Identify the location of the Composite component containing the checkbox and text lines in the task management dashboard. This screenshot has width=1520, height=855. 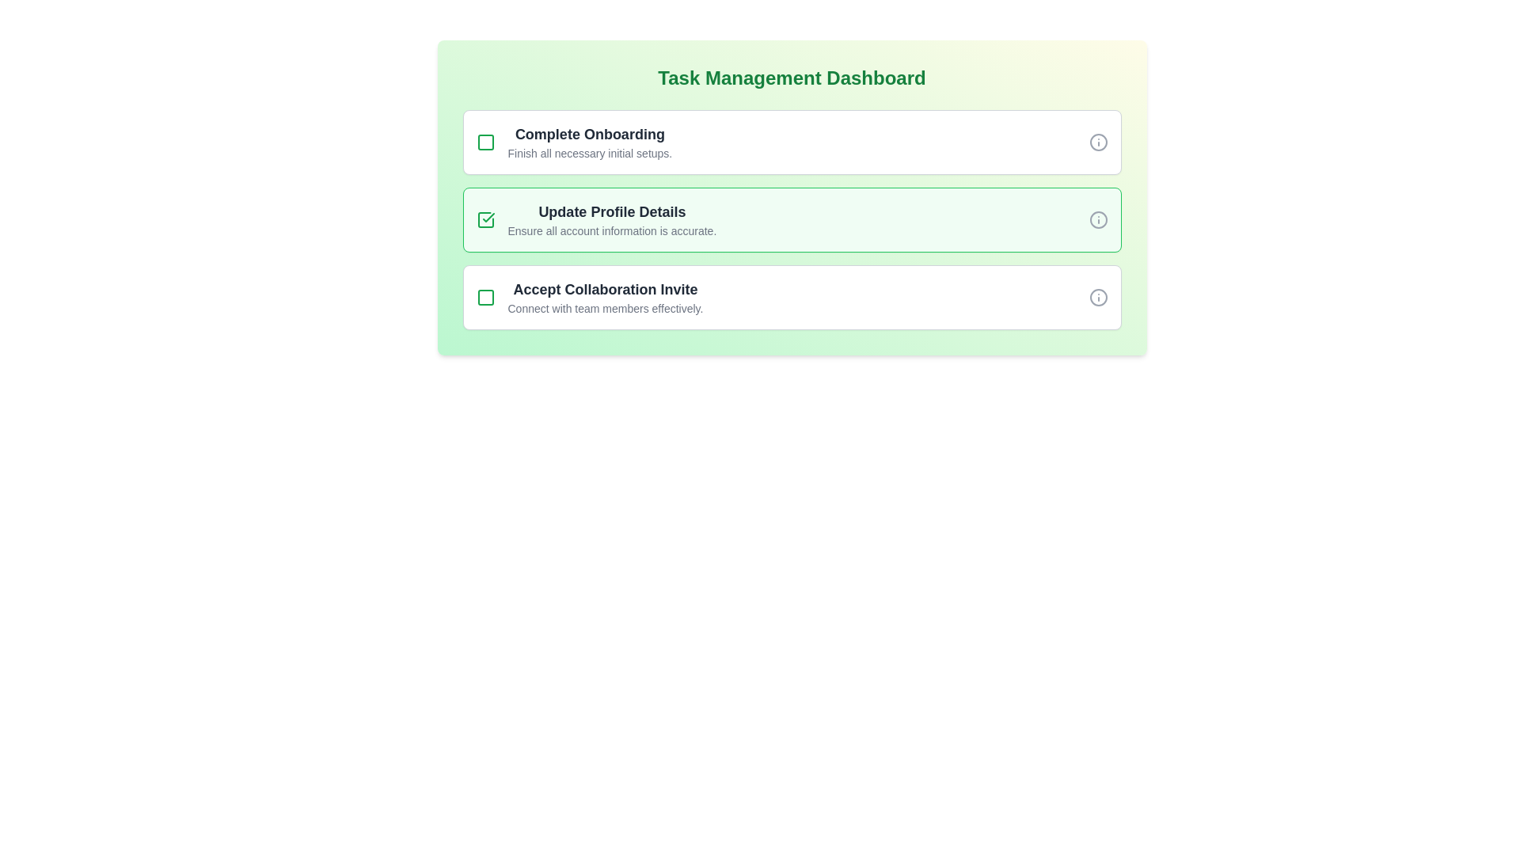
(595, 219).